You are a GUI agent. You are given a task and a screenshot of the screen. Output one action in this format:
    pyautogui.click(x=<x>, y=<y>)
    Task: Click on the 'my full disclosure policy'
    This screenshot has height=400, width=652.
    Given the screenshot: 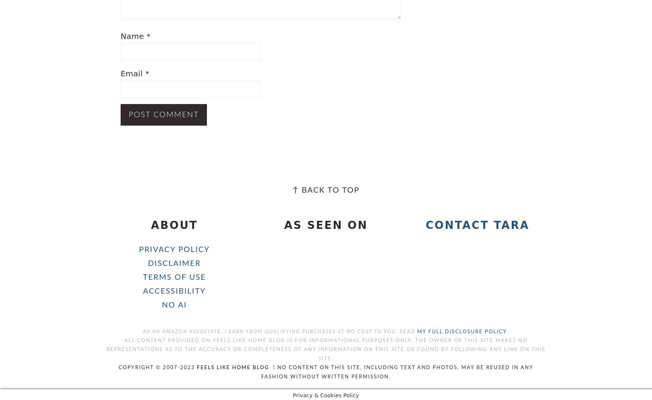 What is the action you would take?
    pyautogui.click(x=461, y=331)
    